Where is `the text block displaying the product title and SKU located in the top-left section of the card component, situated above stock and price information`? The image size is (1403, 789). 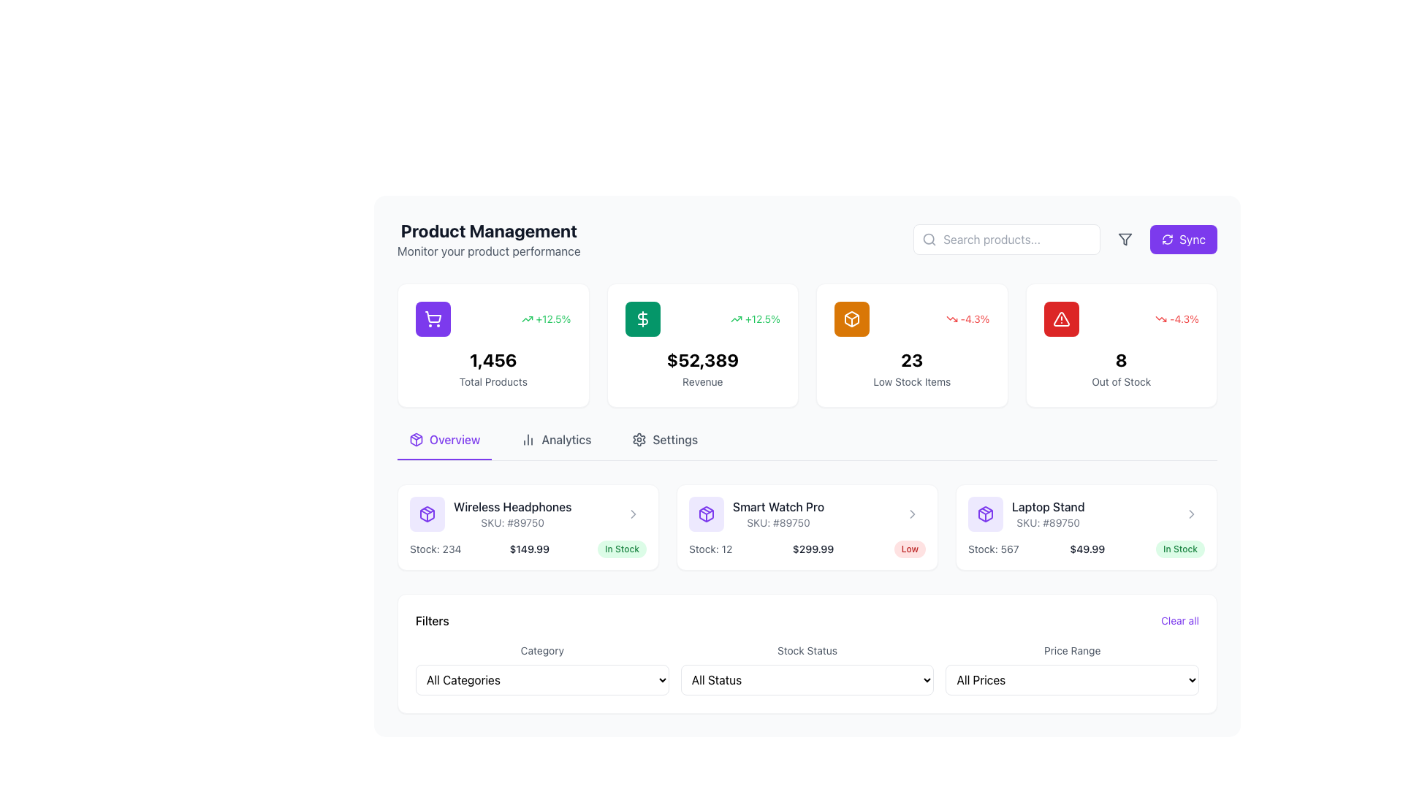 the text block displaying the product title and SKU located in the top-left section of the card component, situated above stock and price information is located at coordinates (528, 514).